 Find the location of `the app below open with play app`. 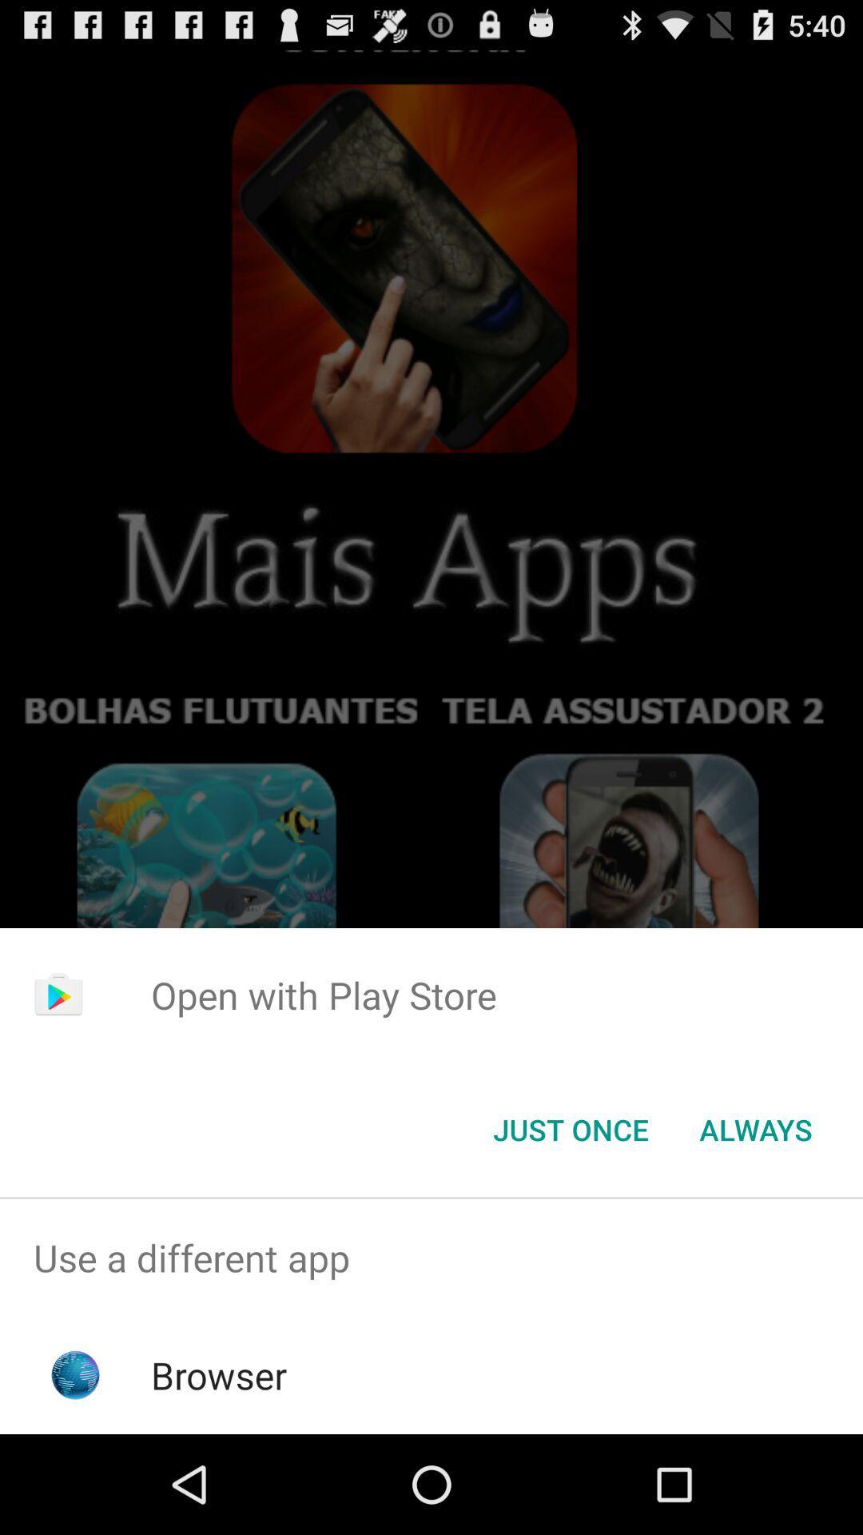

the app below open with play app is located at coordinates (755, 1128).